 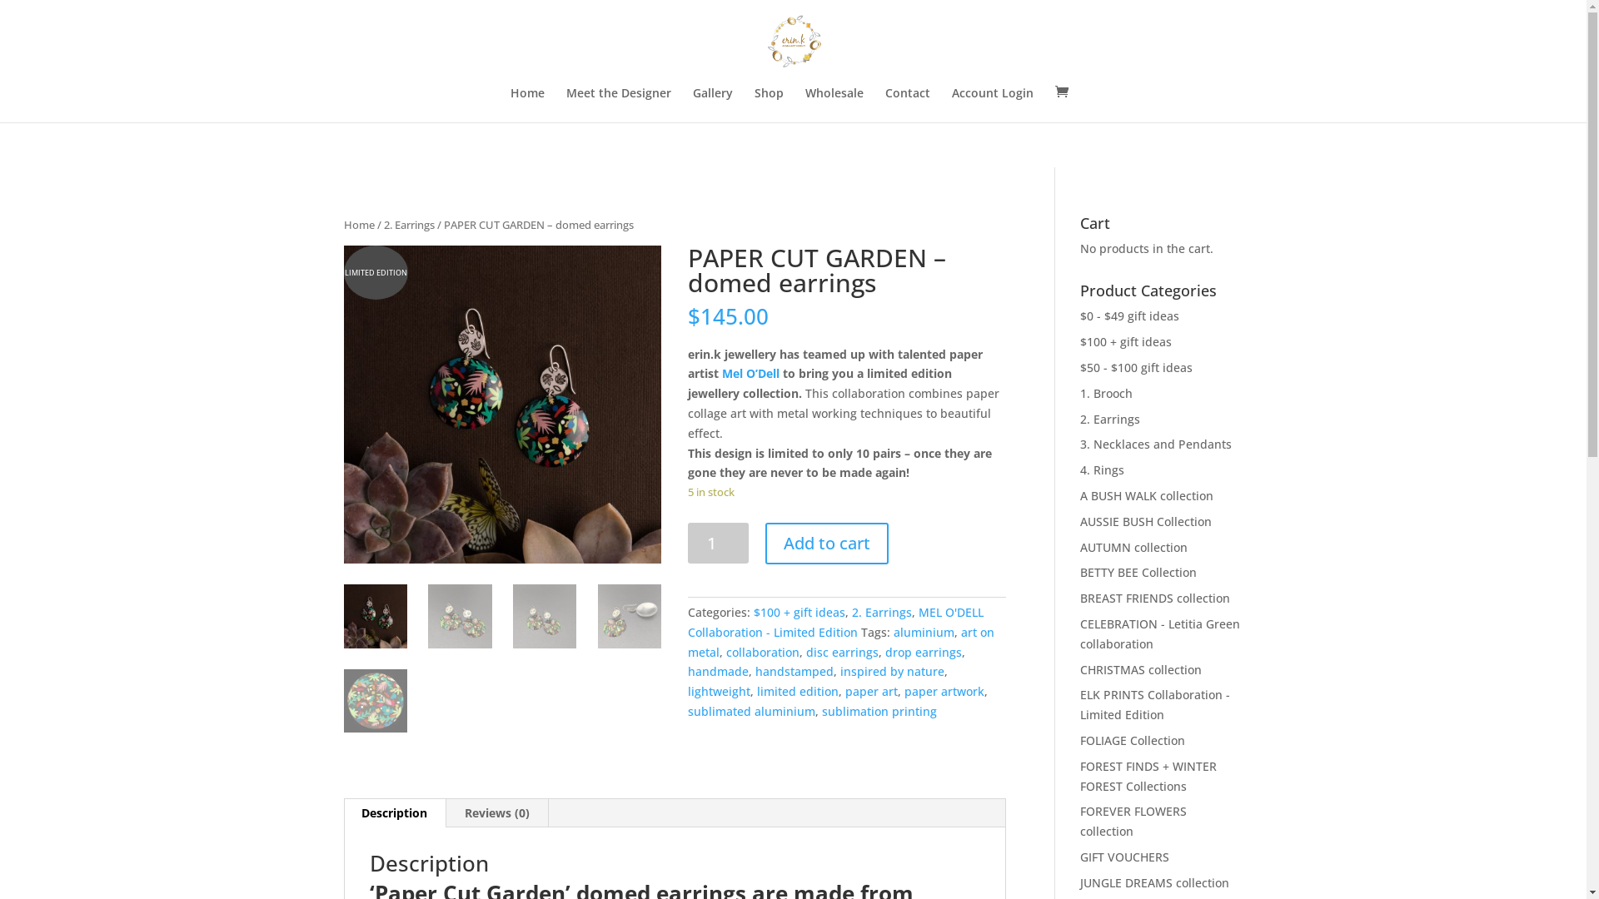 I want to click on 'lightweight', so click(x=687, y=691).